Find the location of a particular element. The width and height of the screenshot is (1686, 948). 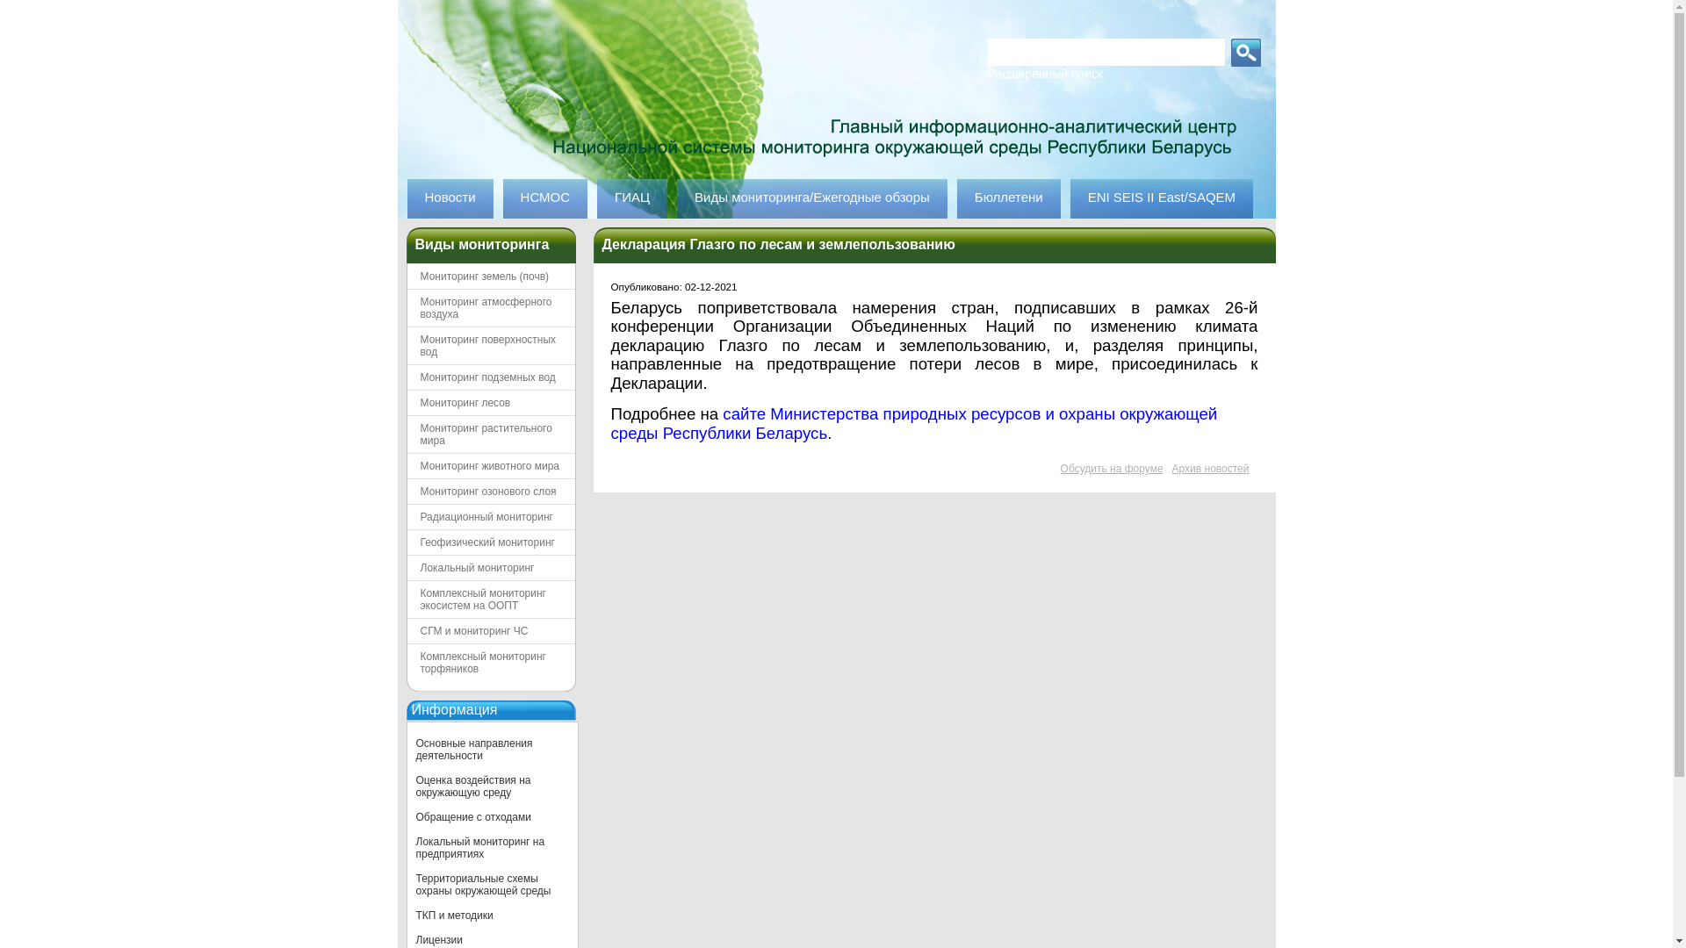

'ENI SEIS II East/SAQEM' is located at coordinates (1070, 197).